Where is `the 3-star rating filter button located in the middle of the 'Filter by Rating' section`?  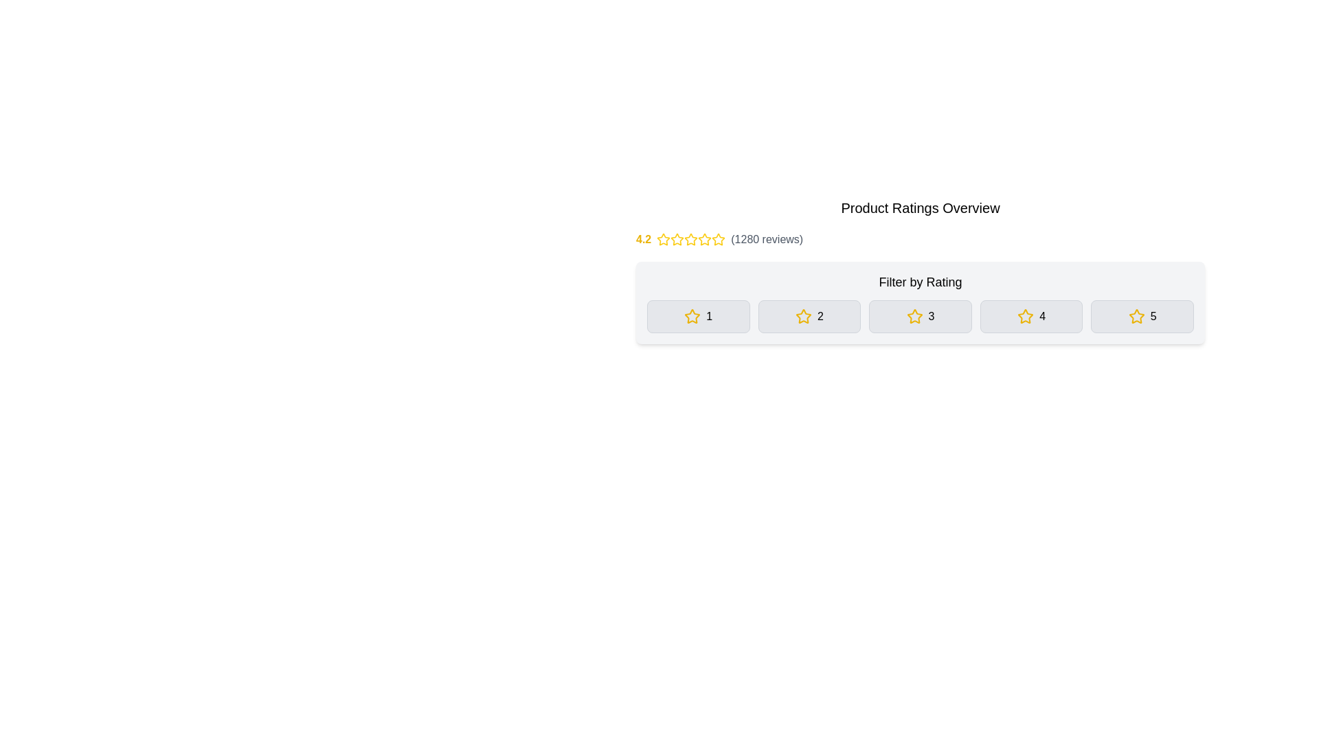 the 3-star rating filter button located in the middle of the 'Filter by Rating' section is located at coordinates (920, 317).